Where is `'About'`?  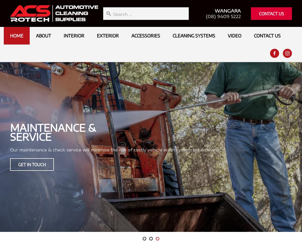
'About' is located at coordinates (43, 35).